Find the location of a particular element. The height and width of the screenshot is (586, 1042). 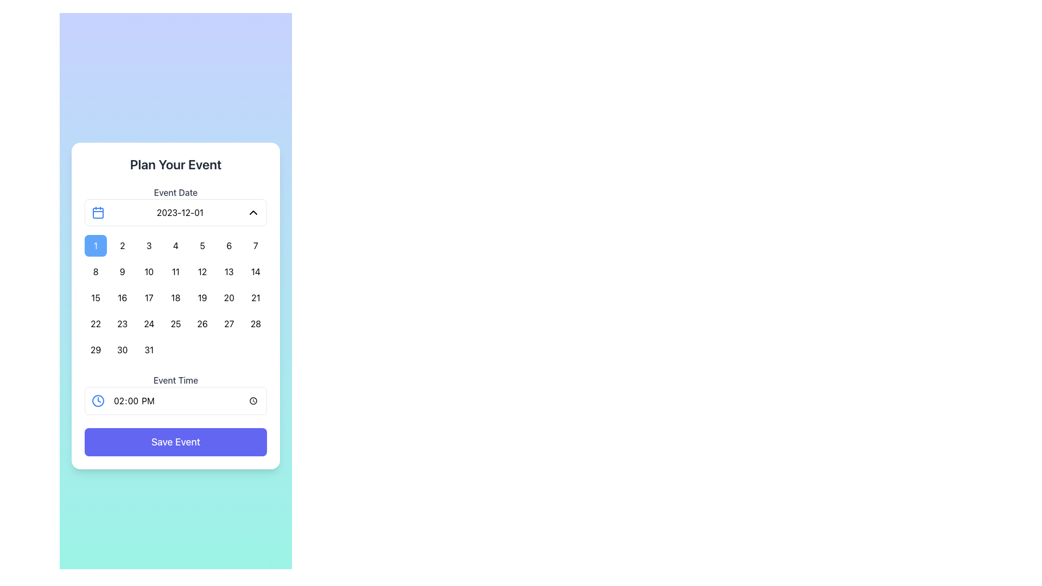

the button displaying the number '28' in a light rounded rectangle is located at coordinates (255, 323).